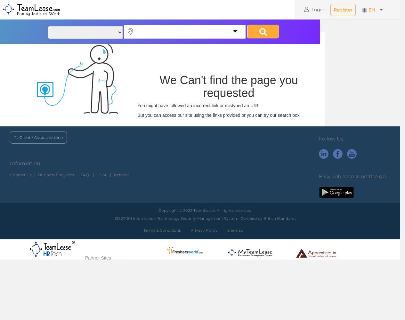 The width and height of the screenshot is (405, 320). What do you see at coordinates (190, 229) in the screenshot?
I see `'Privacy Policy'` at bounding box center [190, 229].